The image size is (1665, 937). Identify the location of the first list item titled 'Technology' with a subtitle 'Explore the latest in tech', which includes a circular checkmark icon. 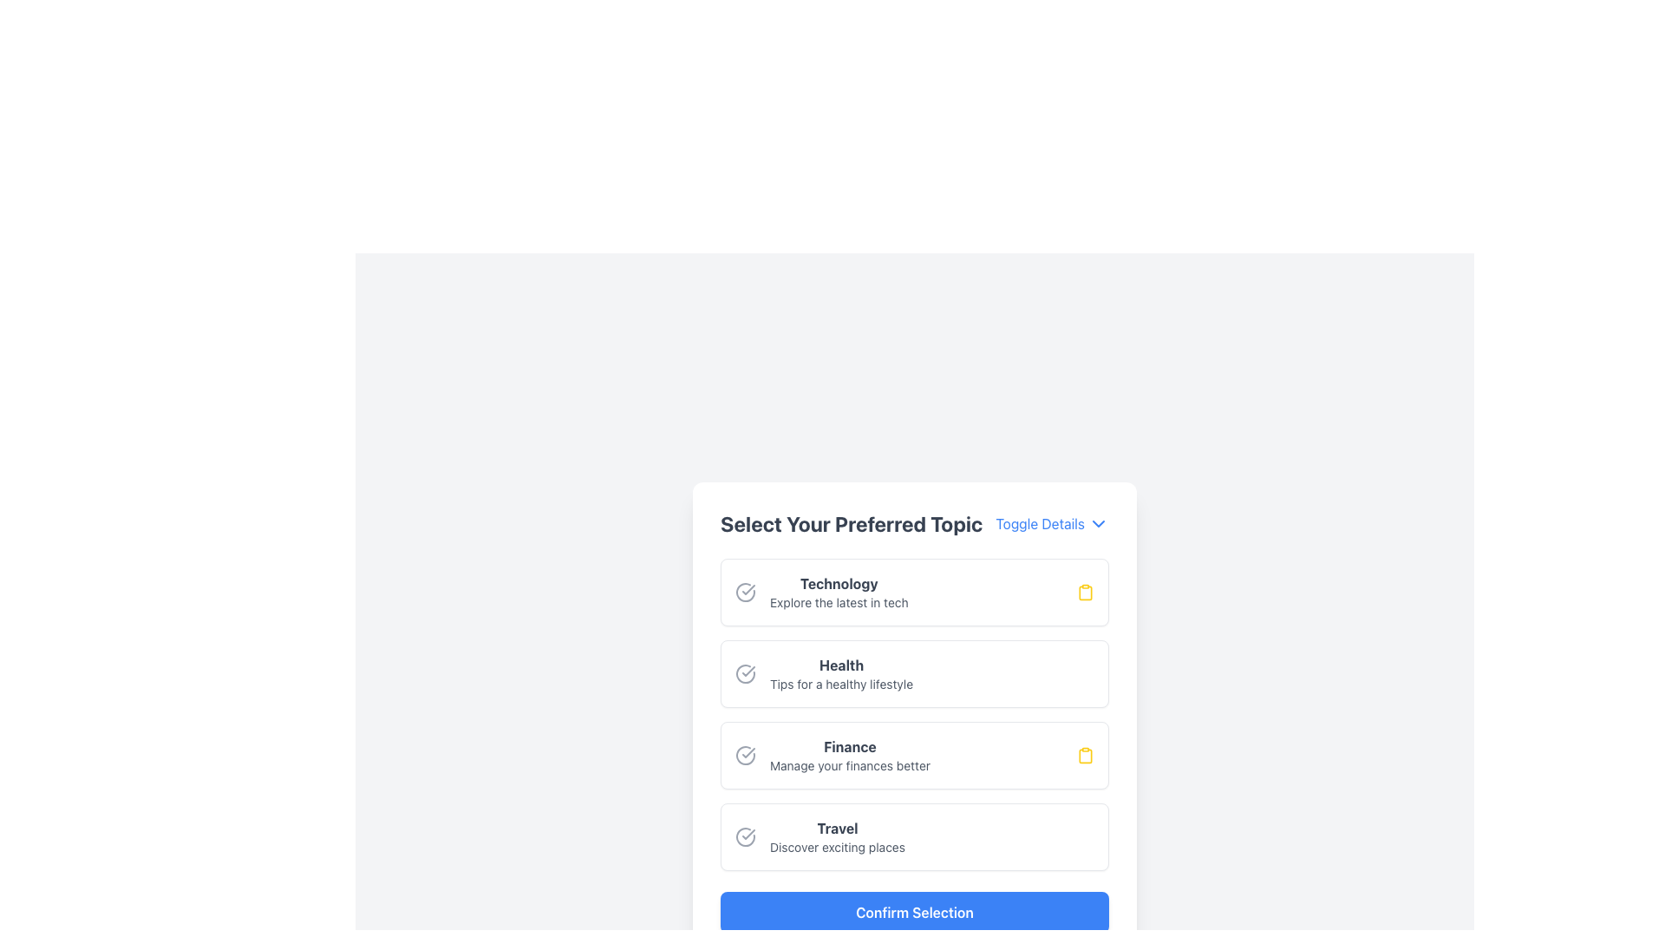
(820, 591).